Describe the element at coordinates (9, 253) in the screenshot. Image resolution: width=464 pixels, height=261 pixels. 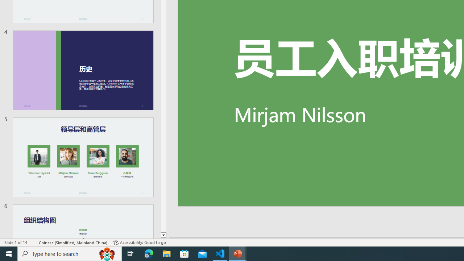
I see `'Start'` at that location.